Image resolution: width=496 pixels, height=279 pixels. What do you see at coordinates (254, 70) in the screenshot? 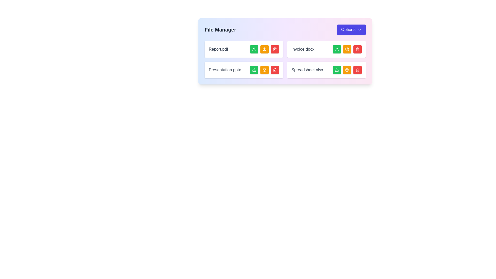
I see `the green upload button located to the right of the file name 'Presentation.pptx' in the second row of the file list` at bounding box center [254, 70].